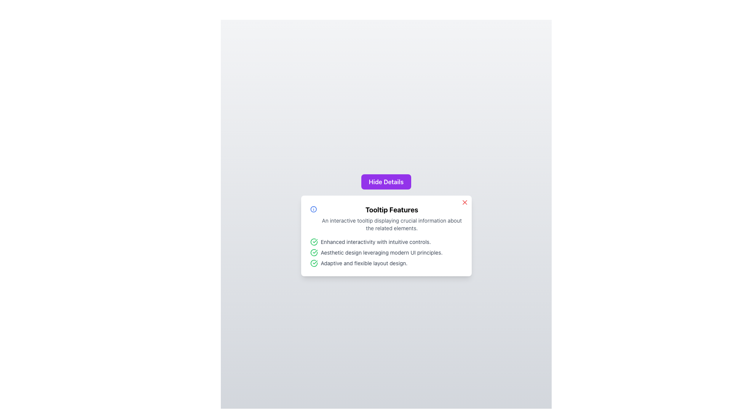 The image size is (731, 411). I want to click on text content of the Text Block titled 'Tooltip Features' which contains an interactive tooltip description, so click(392, 218).